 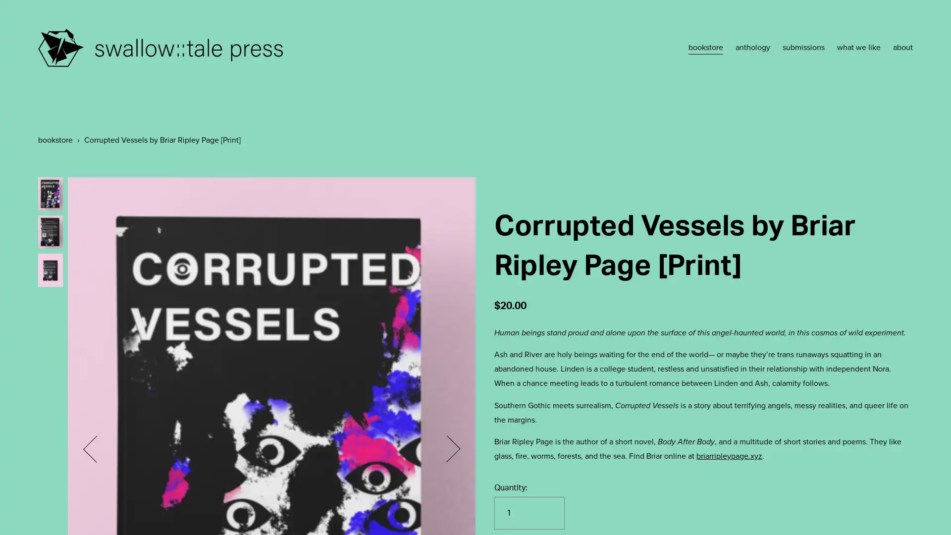 I want to click on Next, so click(x=446, y=449).